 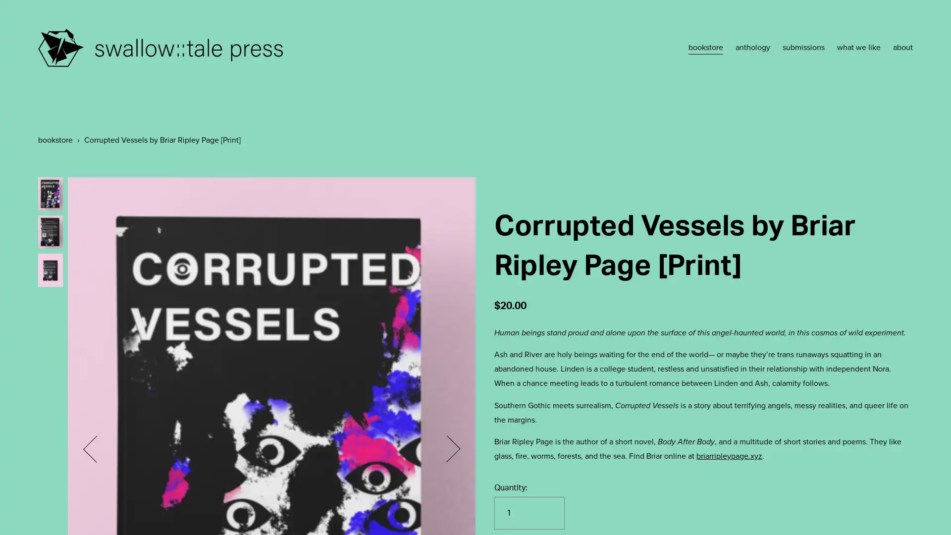 I want to click on Next, so click(x=446, y=449).